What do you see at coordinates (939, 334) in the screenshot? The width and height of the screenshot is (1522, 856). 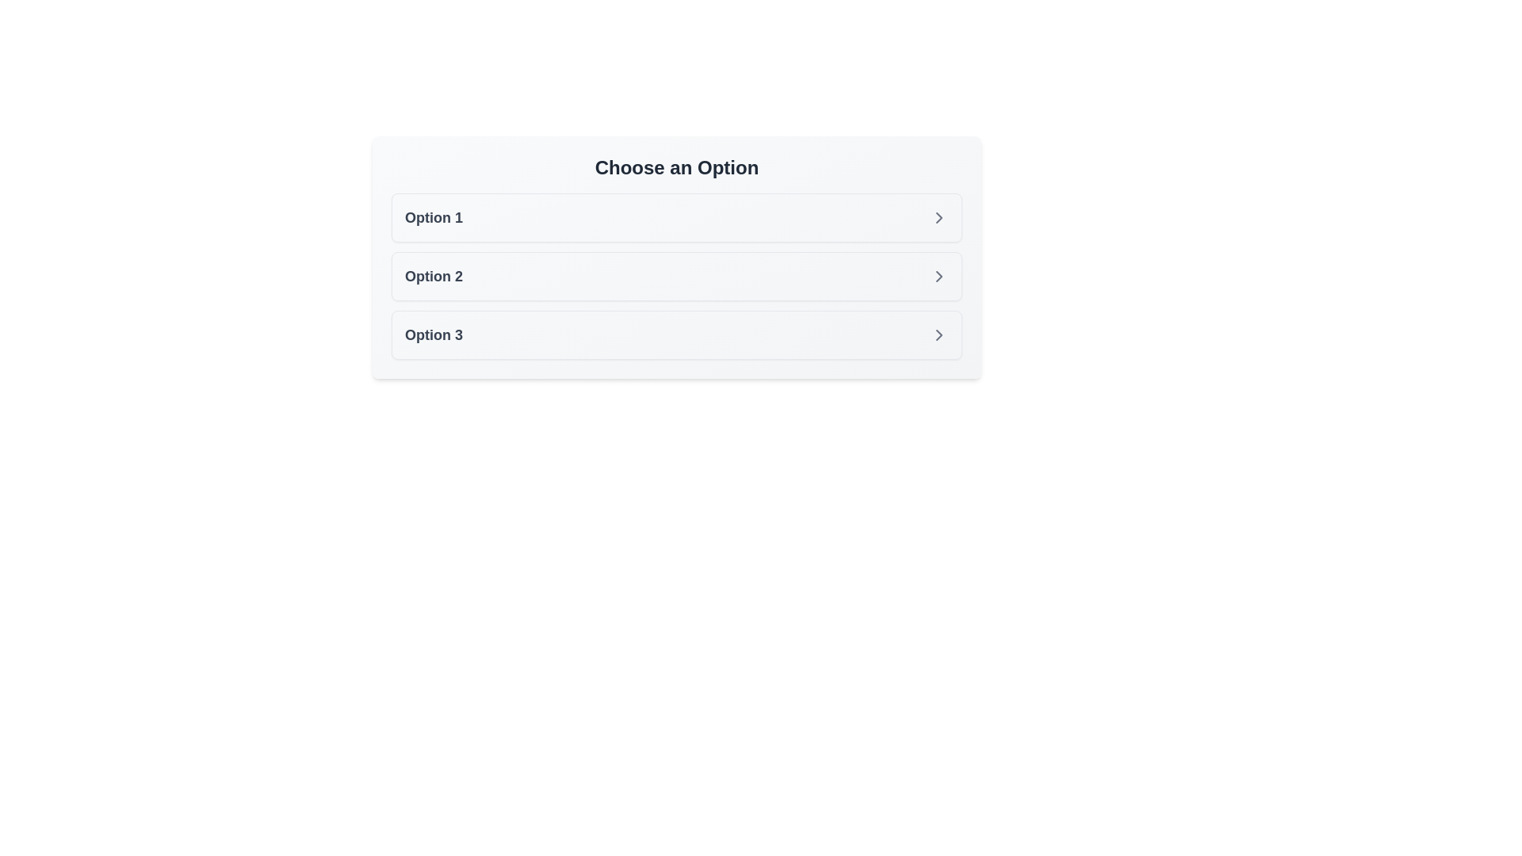 I see `the chevron icon located on the far-right side of 'Option 3' in the 'Choose an Option' menu` at bounding box center [939, 334].